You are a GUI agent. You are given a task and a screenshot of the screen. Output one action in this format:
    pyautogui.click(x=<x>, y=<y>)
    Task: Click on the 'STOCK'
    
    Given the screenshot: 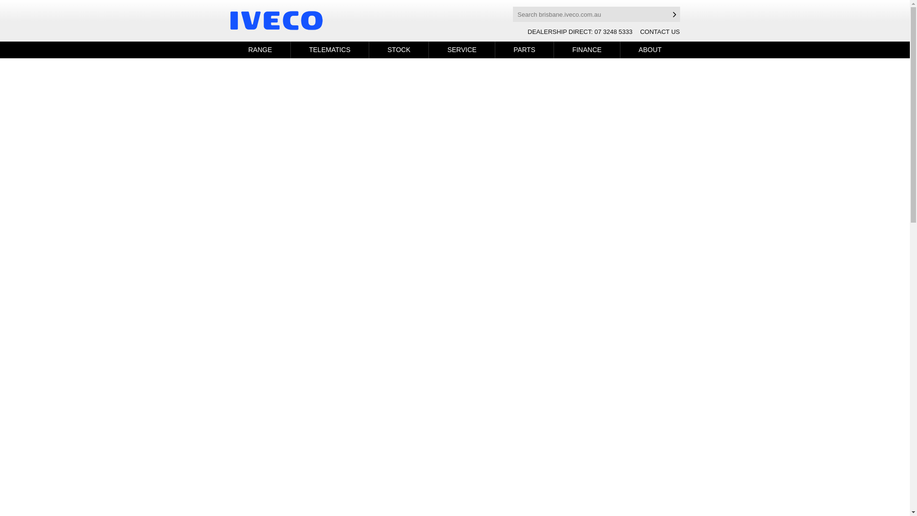 What is the action you would take?
    pyautogui.click(x=399, y=50)
    